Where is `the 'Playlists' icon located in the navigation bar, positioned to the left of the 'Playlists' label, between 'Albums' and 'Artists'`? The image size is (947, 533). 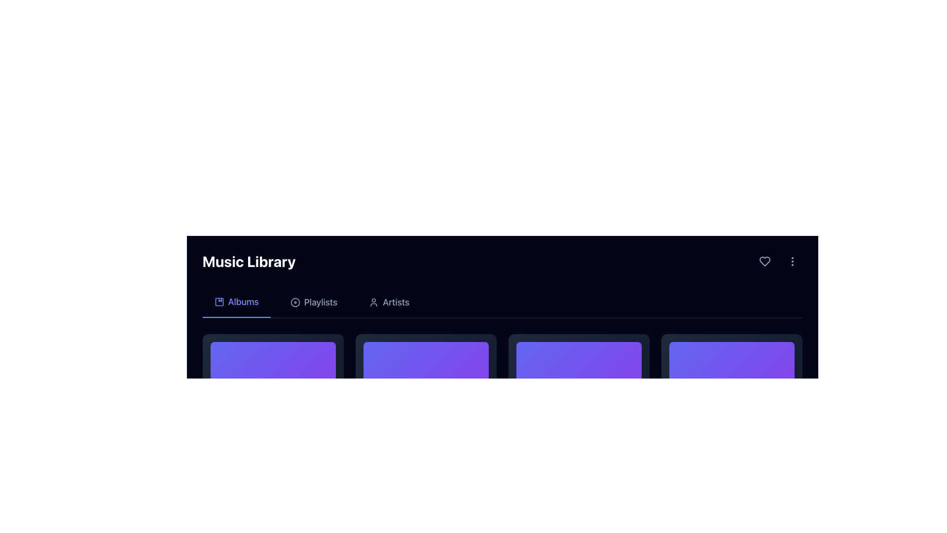 the 'Playlists' icon located in the navigation bar, positioned to the left of the 'Playlists' label, between 'Albums' and 'Artists' is located at coordinates (294, 302).